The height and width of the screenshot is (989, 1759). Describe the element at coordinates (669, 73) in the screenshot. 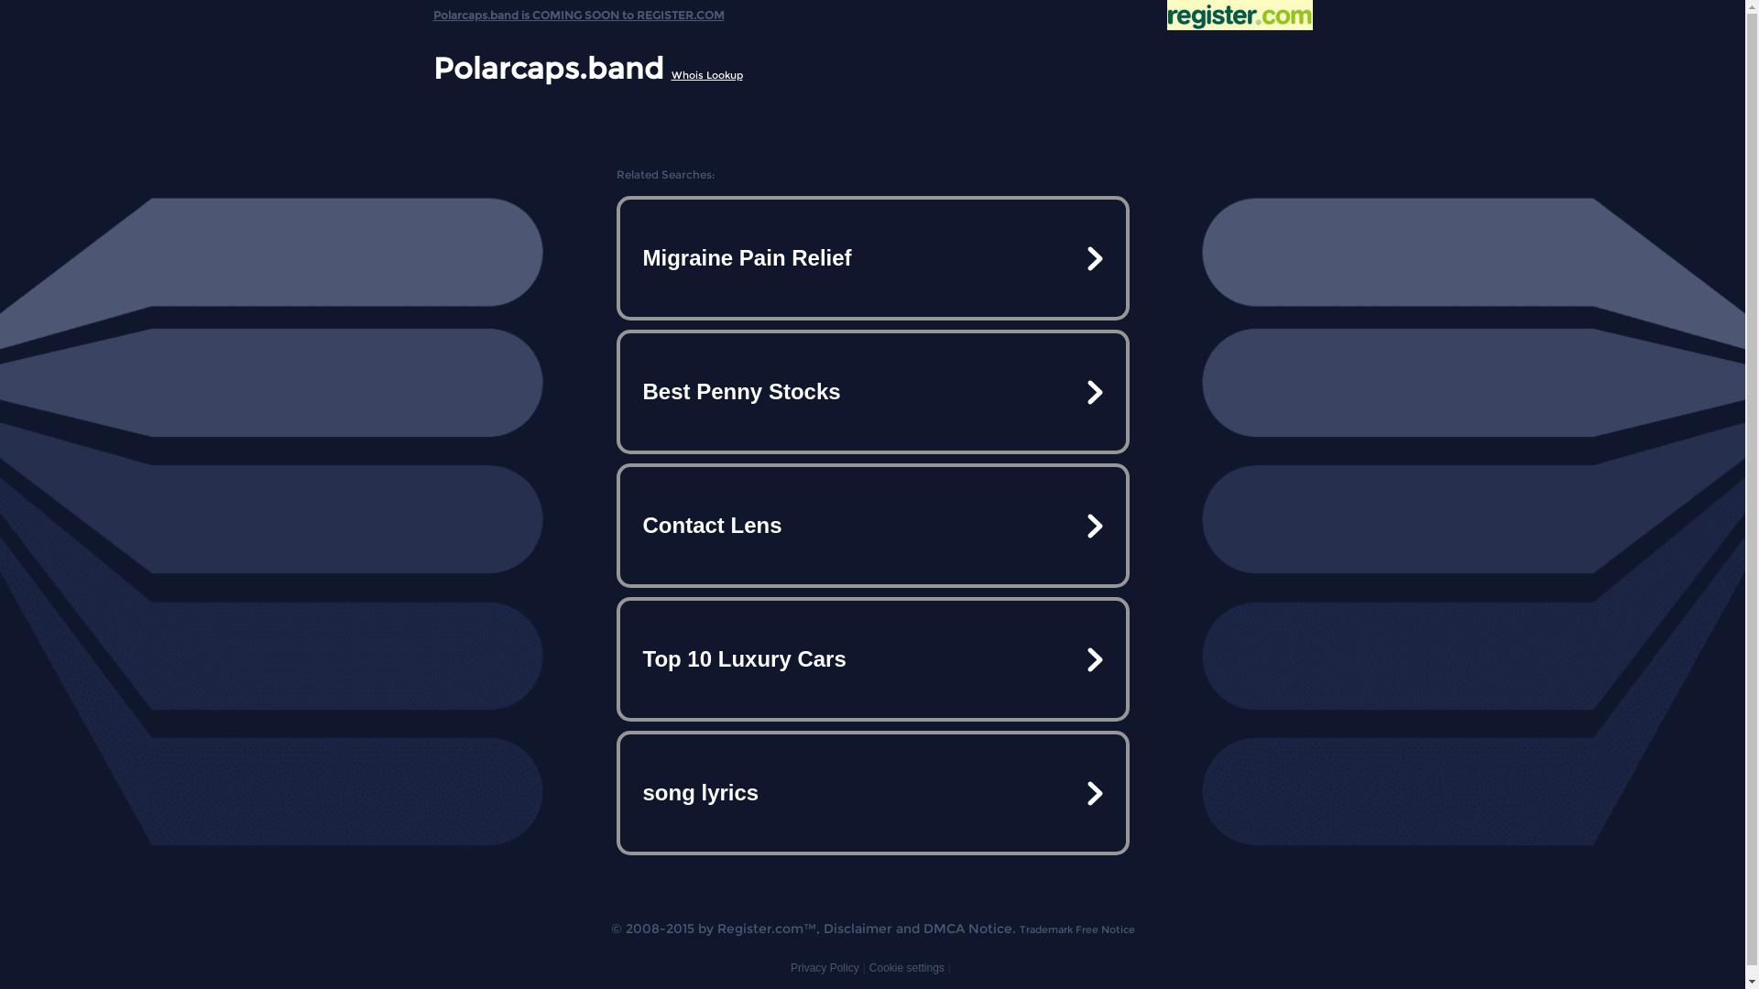

I see `'Whois Lookup'` at that location.